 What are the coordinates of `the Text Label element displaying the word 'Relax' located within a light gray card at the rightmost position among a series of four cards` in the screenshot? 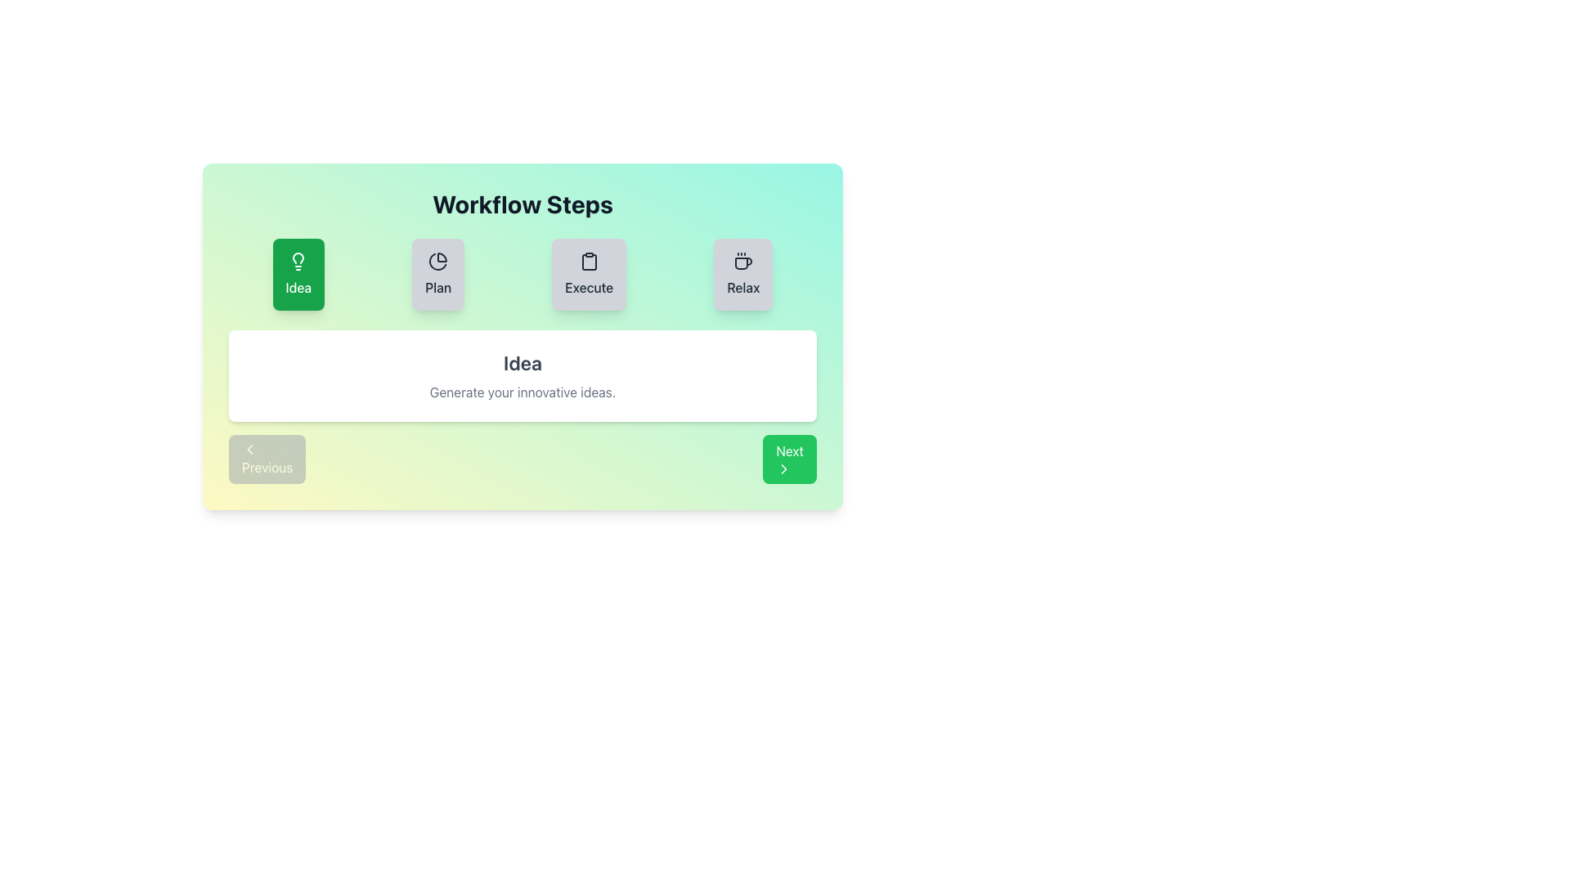 It's located at (742, 286).